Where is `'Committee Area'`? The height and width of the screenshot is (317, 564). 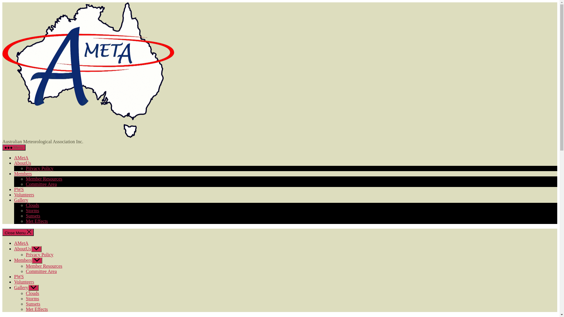 'Committee Area' is located at coordinates (41, 184).